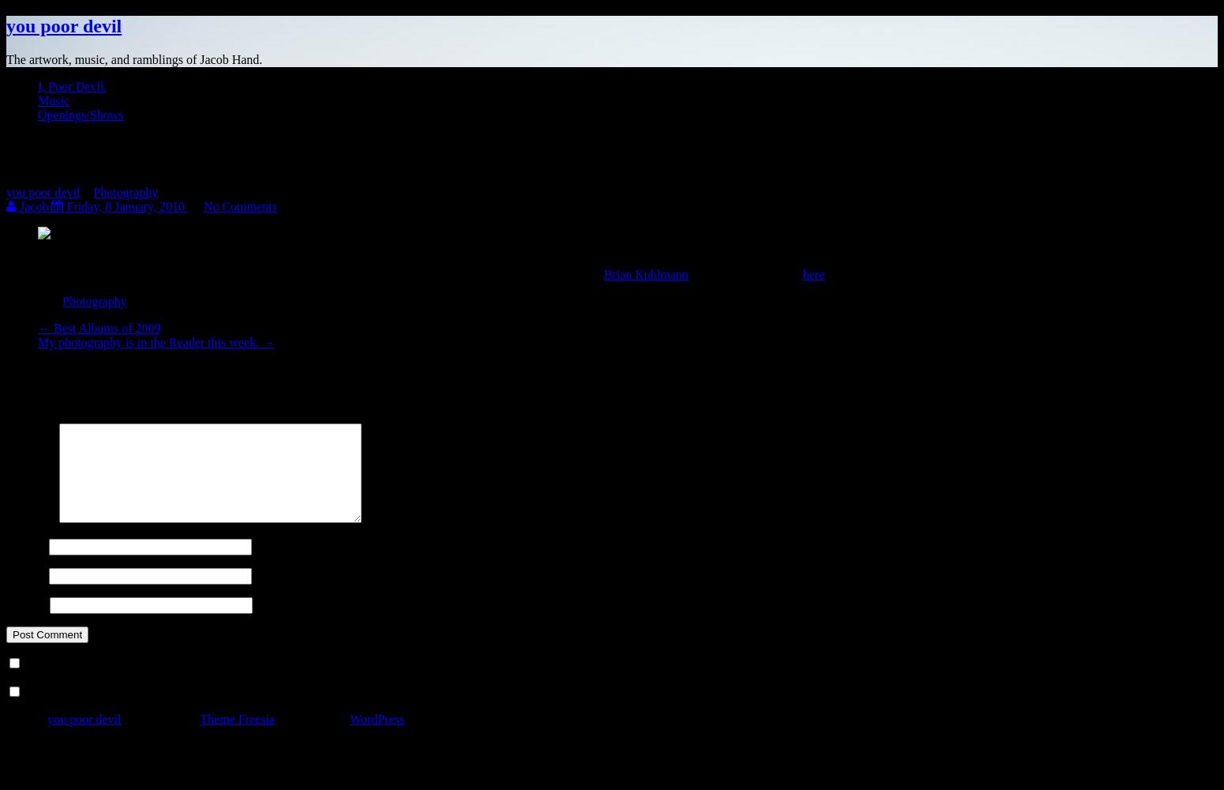  What do you see at coordinates (136, 663) in the screenshot?
I see `'Notify me of follow-up comments by email.'` at bounding box center [136, 663].